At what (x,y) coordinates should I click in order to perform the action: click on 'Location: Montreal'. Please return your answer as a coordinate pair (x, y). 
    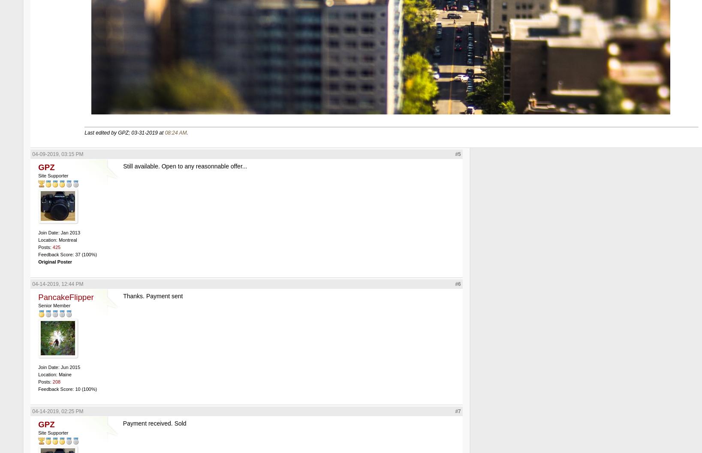
    Looking at the image, I should click on (57, 239).